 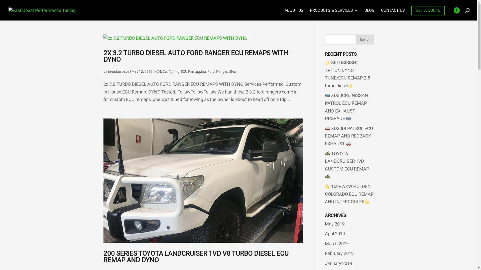 I want to click on 'ECU Remapping', so click(x=193, y=71).